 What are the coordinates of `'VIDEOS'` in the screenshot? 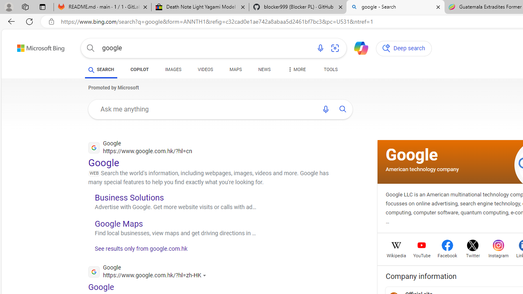 It's located at (206, 69).